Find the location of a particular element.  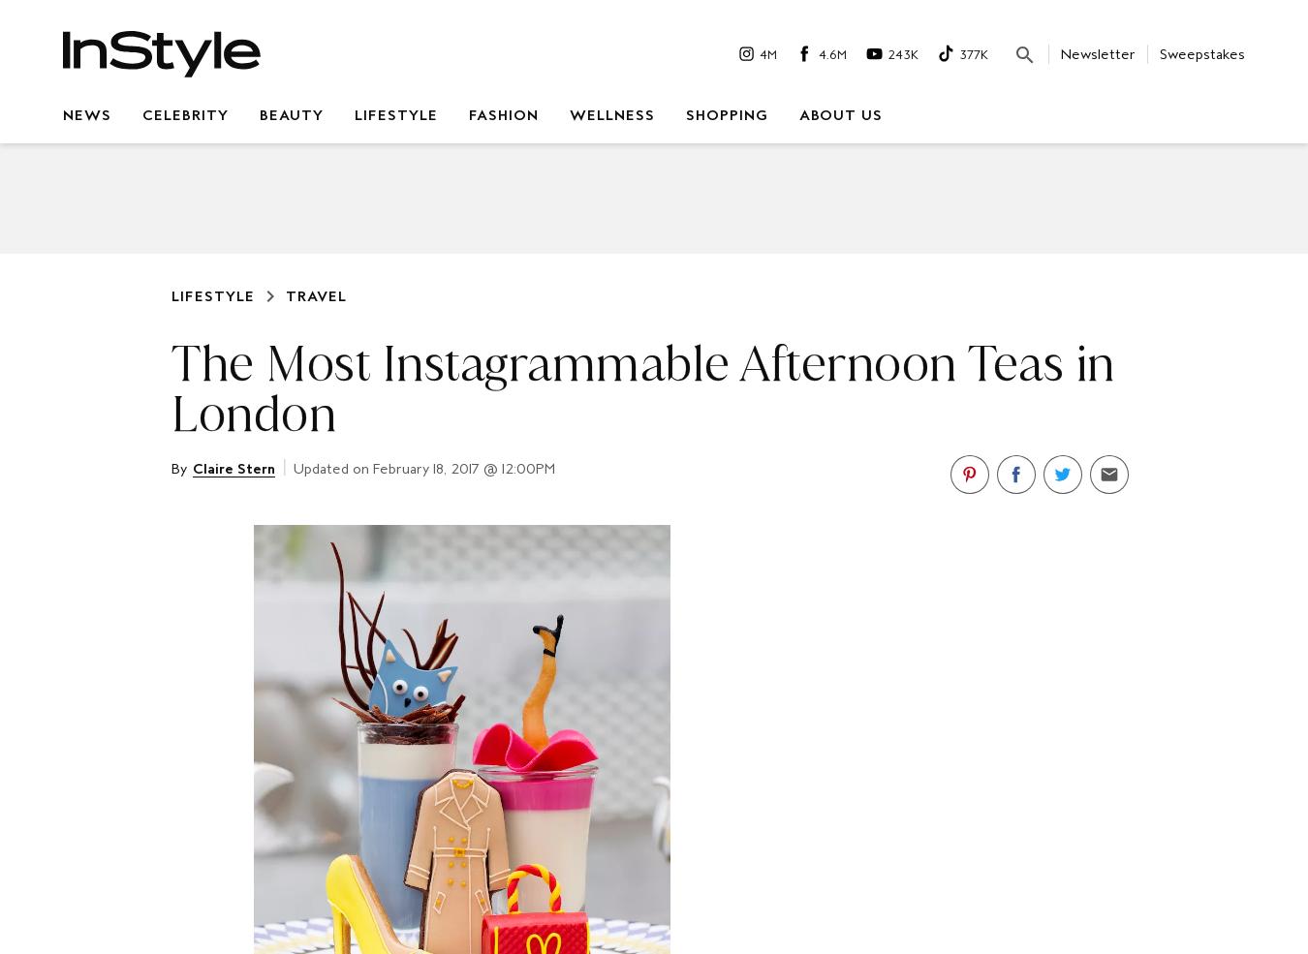

'Fashion' is located at coordinates (503, 114).